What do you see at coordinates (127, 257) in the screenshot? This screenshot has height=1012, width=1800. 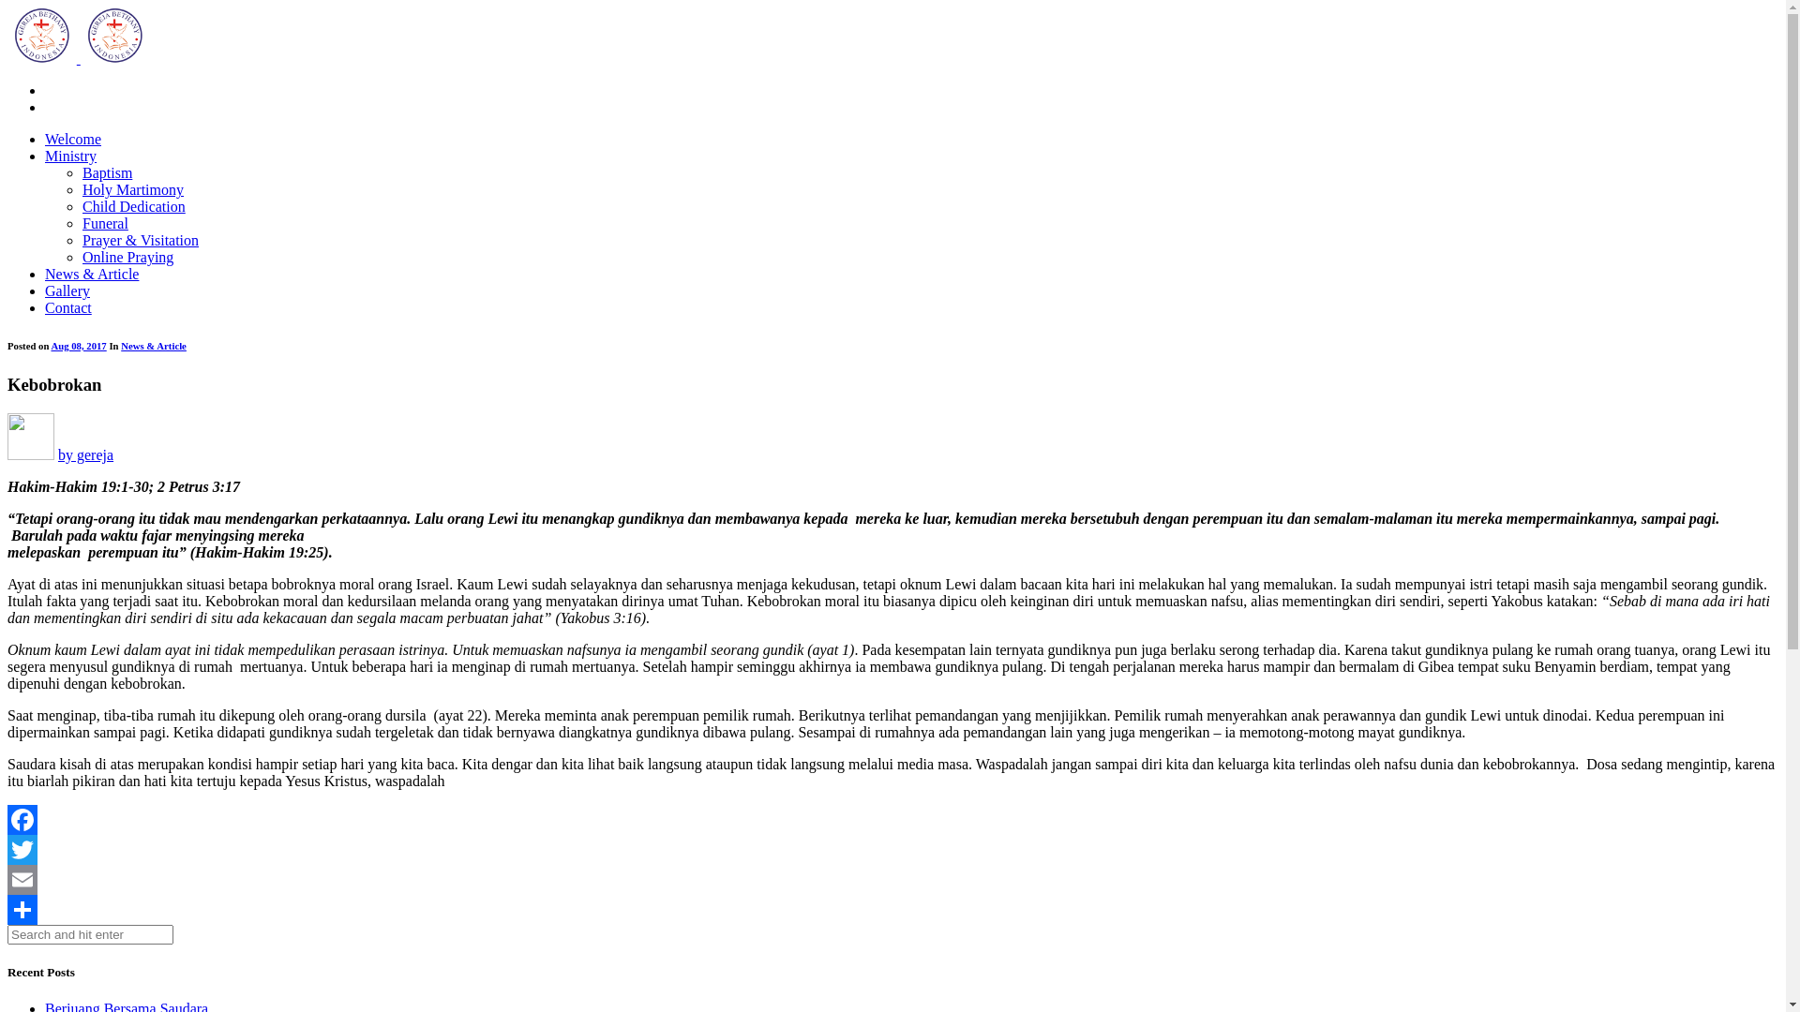 I see `'Online Praying'` at bounding box center [127, 257].